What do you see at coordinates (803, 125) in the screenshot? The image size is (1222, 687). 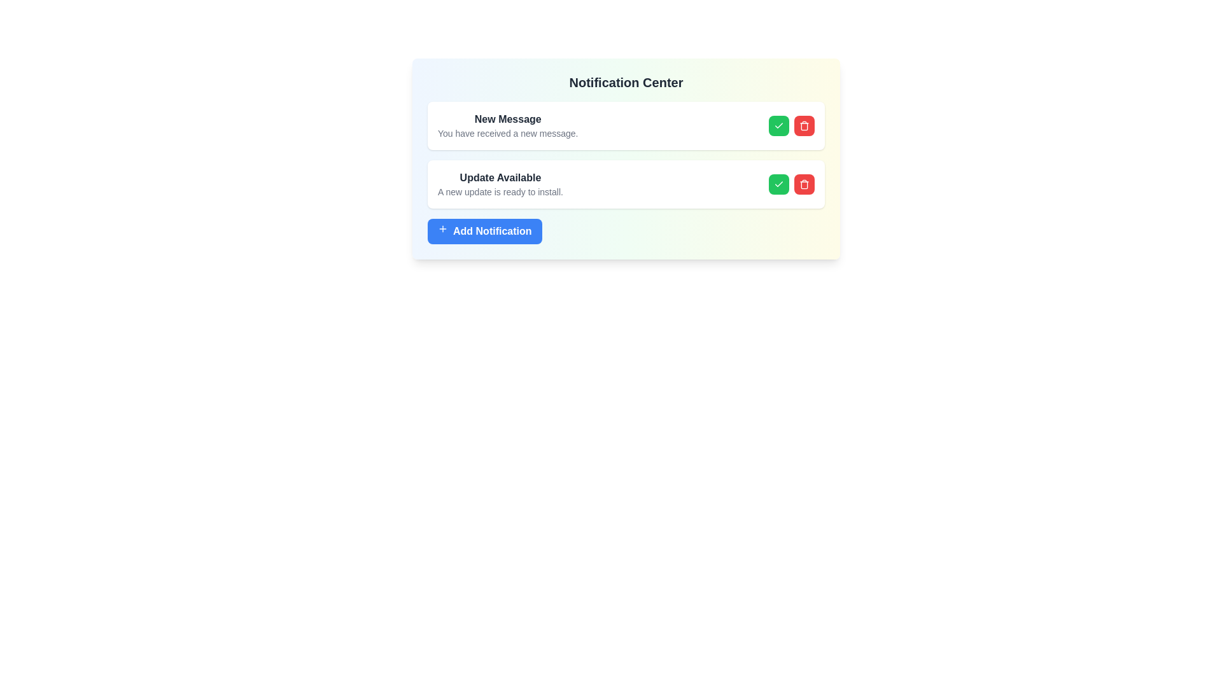 I see `the delete button located on the right side of the second notification entry box in the notification center interface` at bounding box center [803, 125].